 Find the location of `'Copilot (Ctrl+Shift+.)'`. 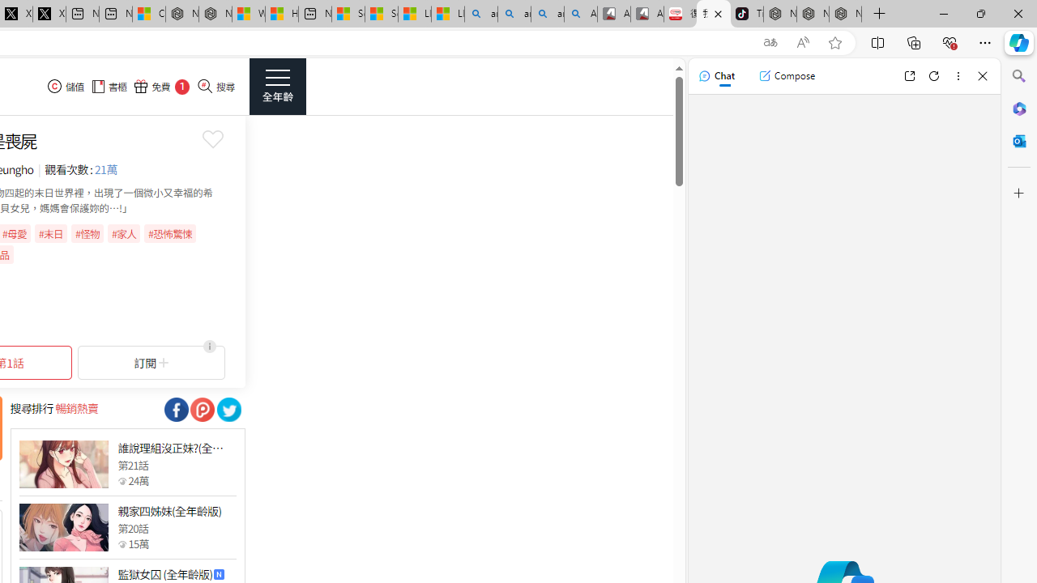

'Copilot (Ctrl+Shift+.)' is located at coordinates (1018, 41).